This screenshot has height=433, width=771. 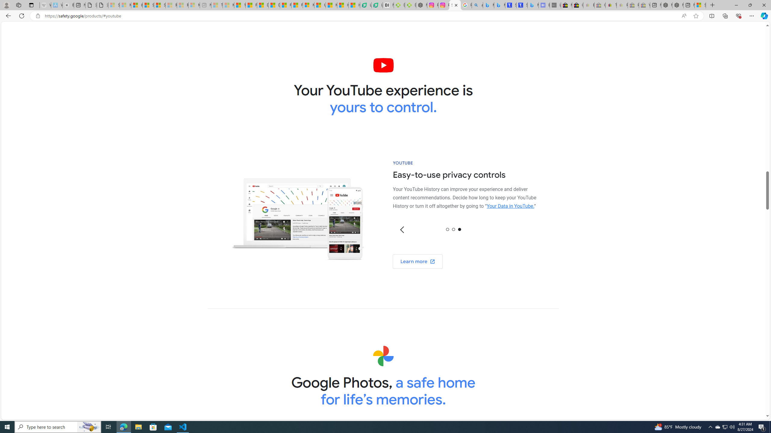 What do you see at coordinates (297, 214) in the screenshot?
I see `'A laptop and phone featuring YouTube'` at bounding box center [297, 214].